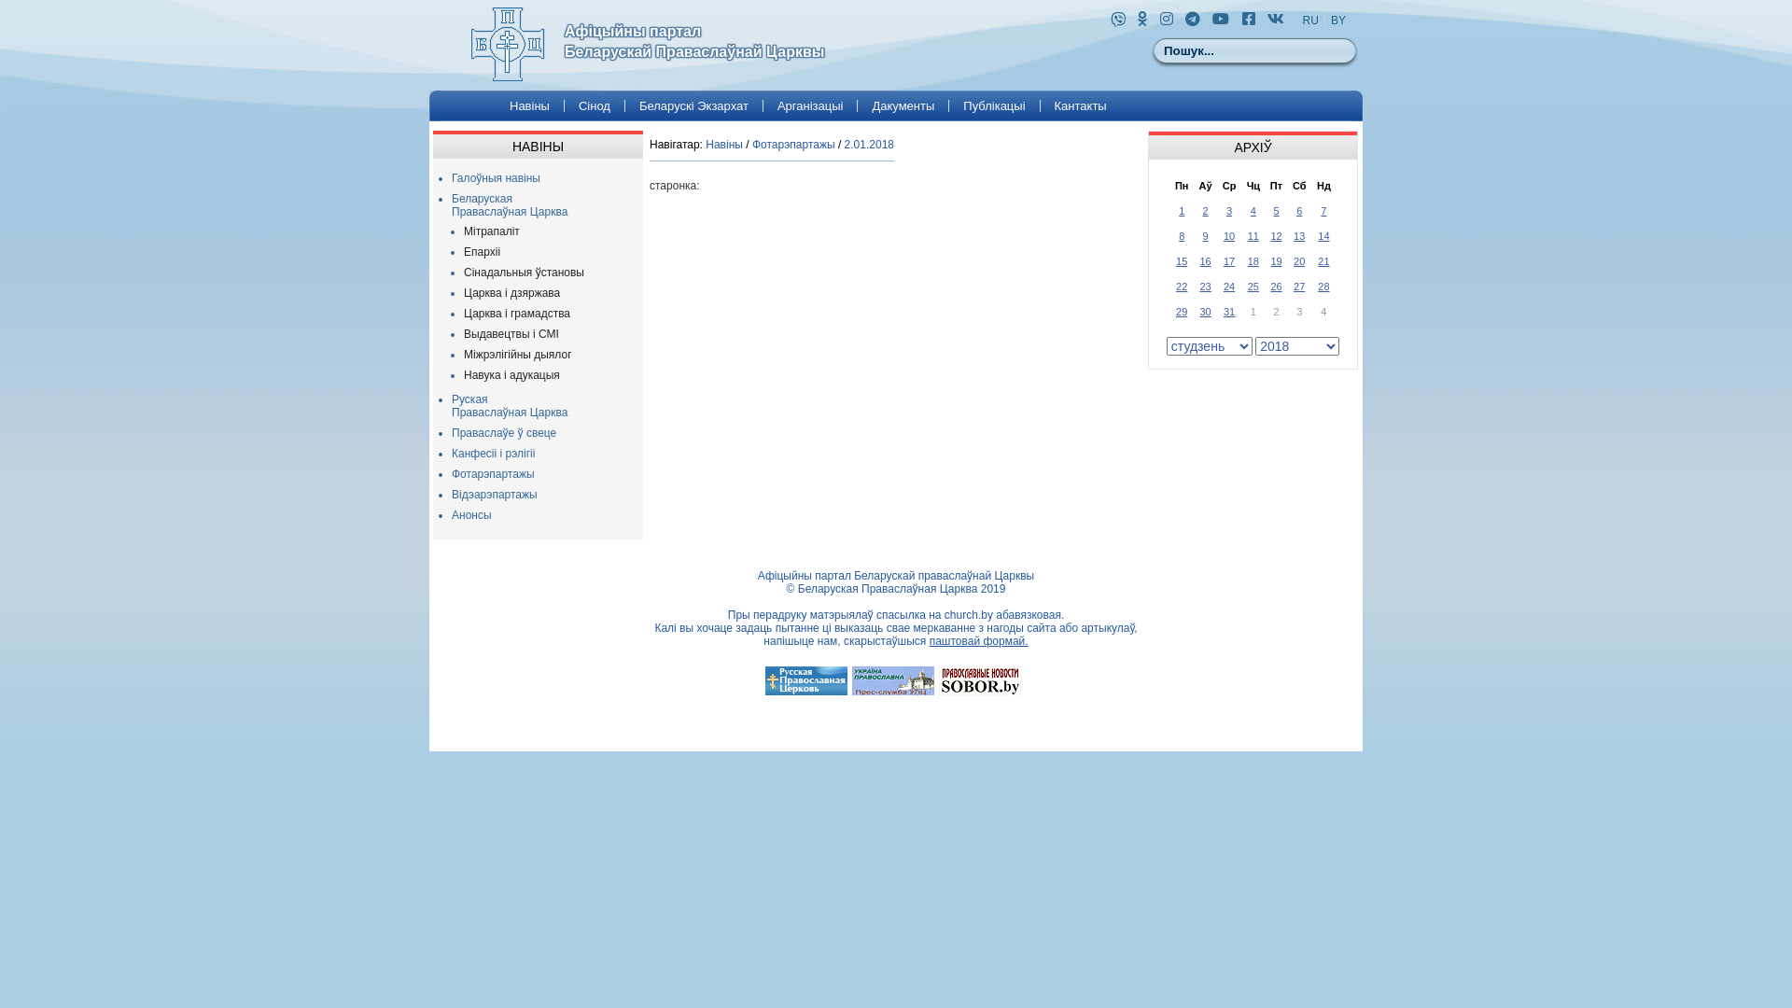  What do you see at coordinates (1298, 233) in the screenshot?
I see `'13'` at bounding box center [1298, 233].